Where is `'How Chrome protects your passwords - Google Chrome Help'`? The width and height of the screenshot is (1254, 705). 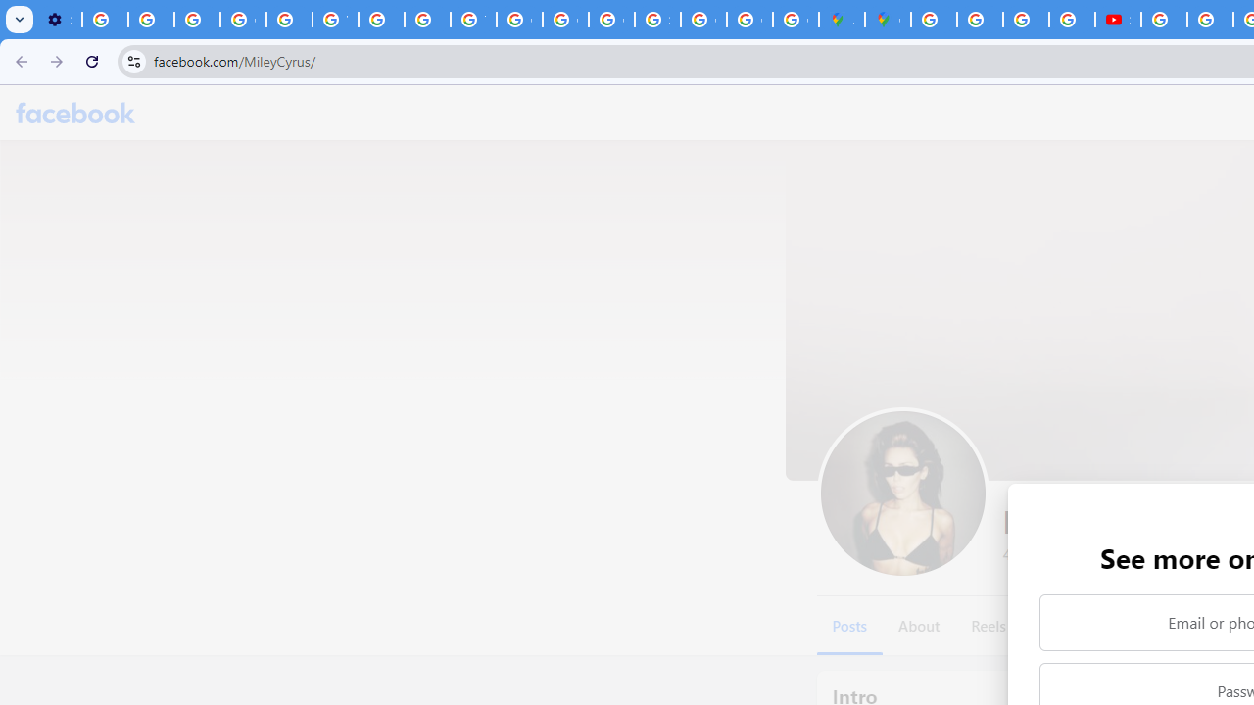
'How Chrome protects your passwords - Google Chrome Help' is located at coordinates (1164, 20).